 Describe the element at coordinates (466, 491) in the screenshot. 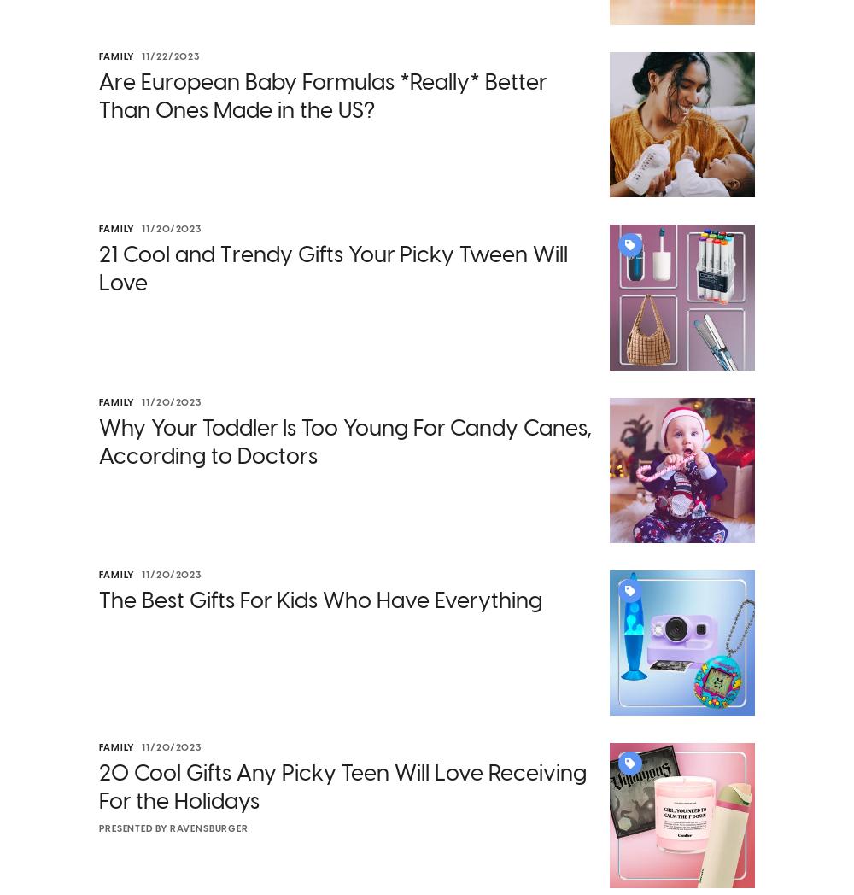

I see `'was awarded'` at that location.